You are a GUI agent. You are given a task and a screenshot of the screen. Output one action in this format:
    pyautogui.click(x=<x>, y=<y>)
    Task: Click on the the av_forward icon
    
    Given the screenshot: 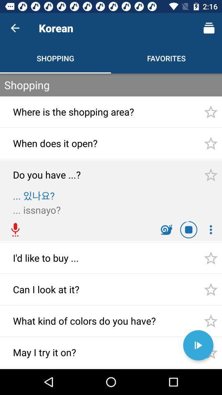 What is the action you would take?
    pyautogui.click(x=198, y=345)
    